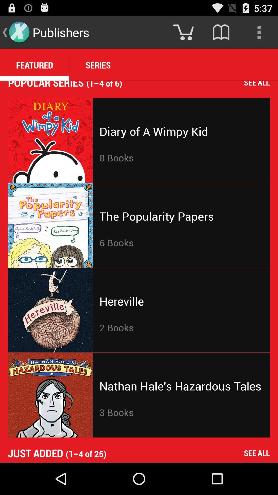 The width and height of the screenshot is (278, 495). I want to click on the featured, so click(34, 65).